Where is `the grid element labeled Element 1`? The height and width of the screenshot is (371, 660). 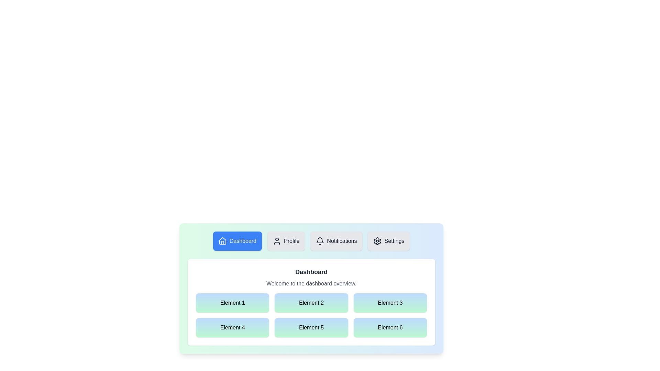 the grid element labeled Element 1 is located at coordinates (232, 303).